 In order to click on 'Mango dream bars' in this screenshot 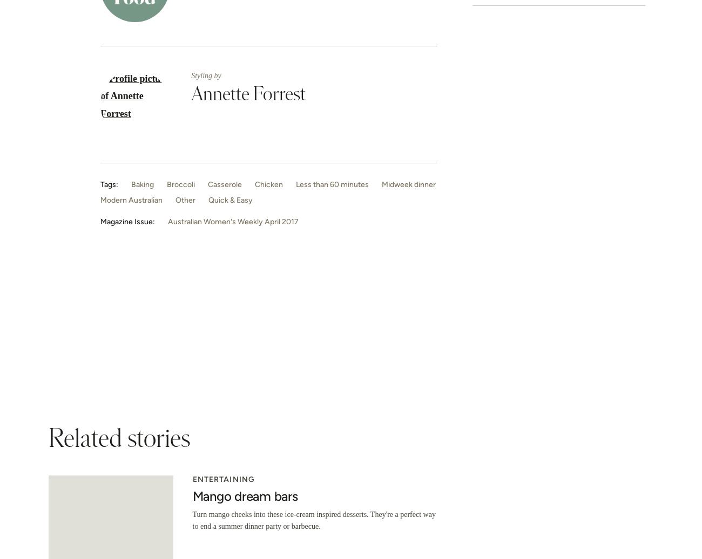, I will do `click(244, 495)`.